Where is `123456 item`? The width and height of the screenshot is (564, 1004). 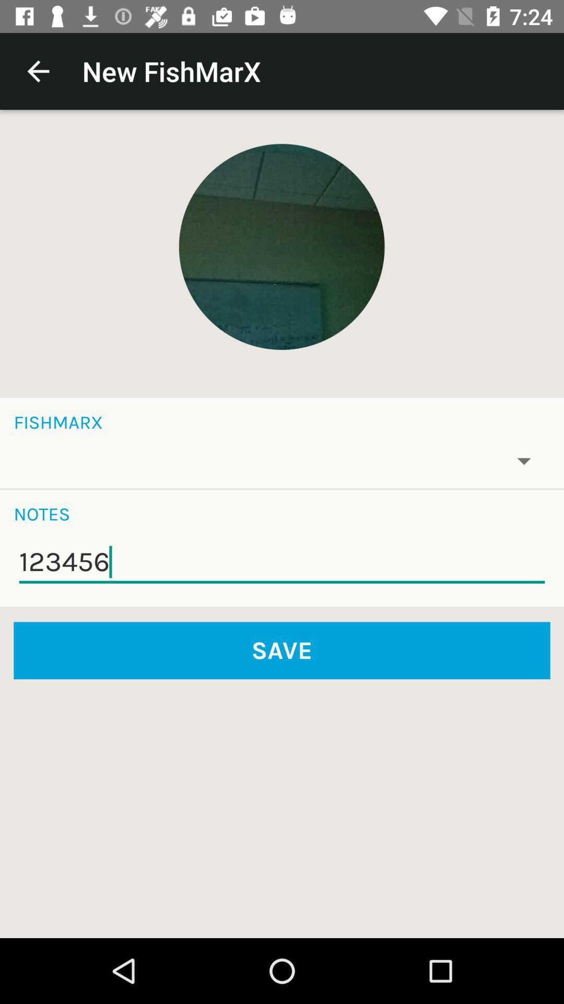
123456 item is located at coordinates (282, 562).